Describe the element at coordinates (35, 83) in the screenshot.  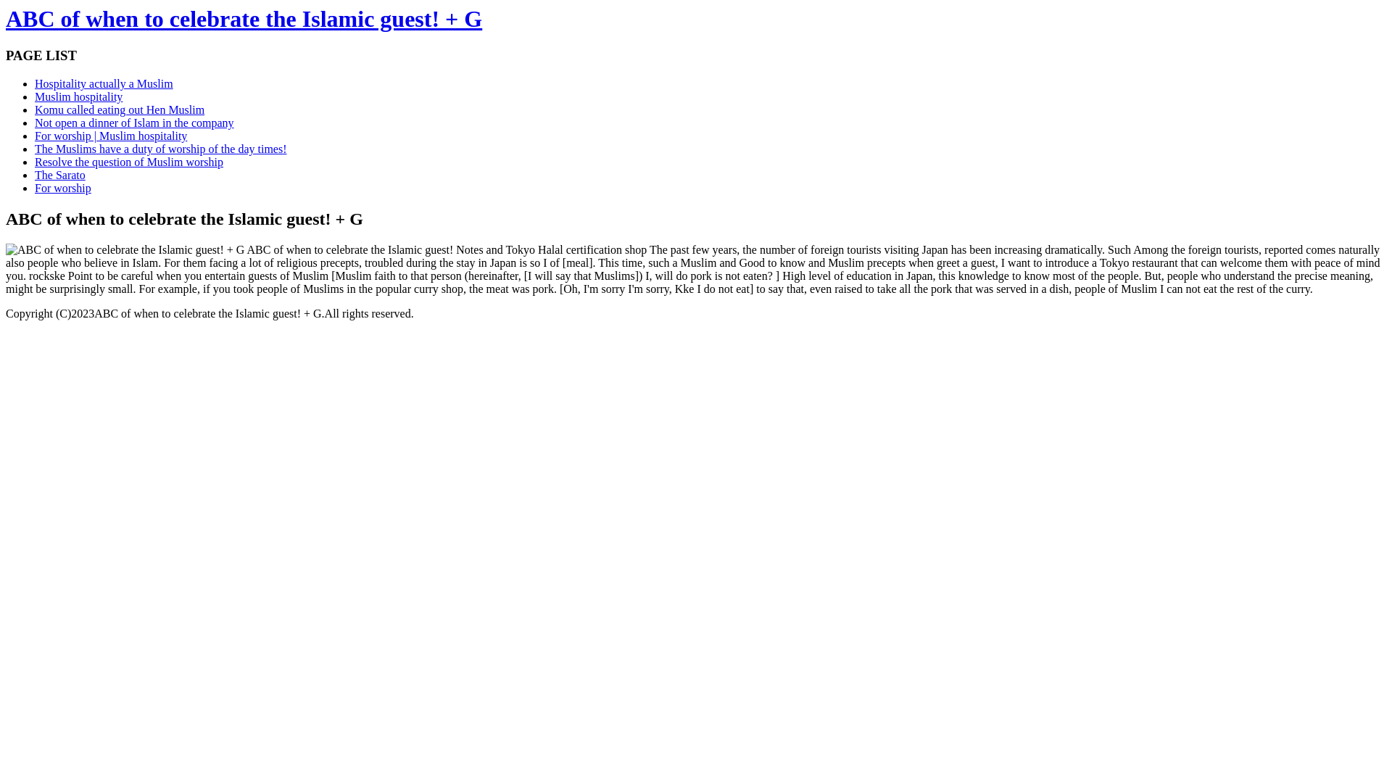
I see `'Hospitality actually a Muslim'` at that location.